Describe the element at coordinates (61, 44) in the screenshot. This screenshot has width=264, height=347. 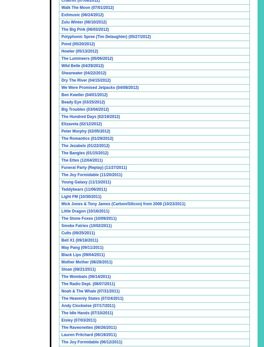
I see `'Pond (05/20/2012)'` at that location.